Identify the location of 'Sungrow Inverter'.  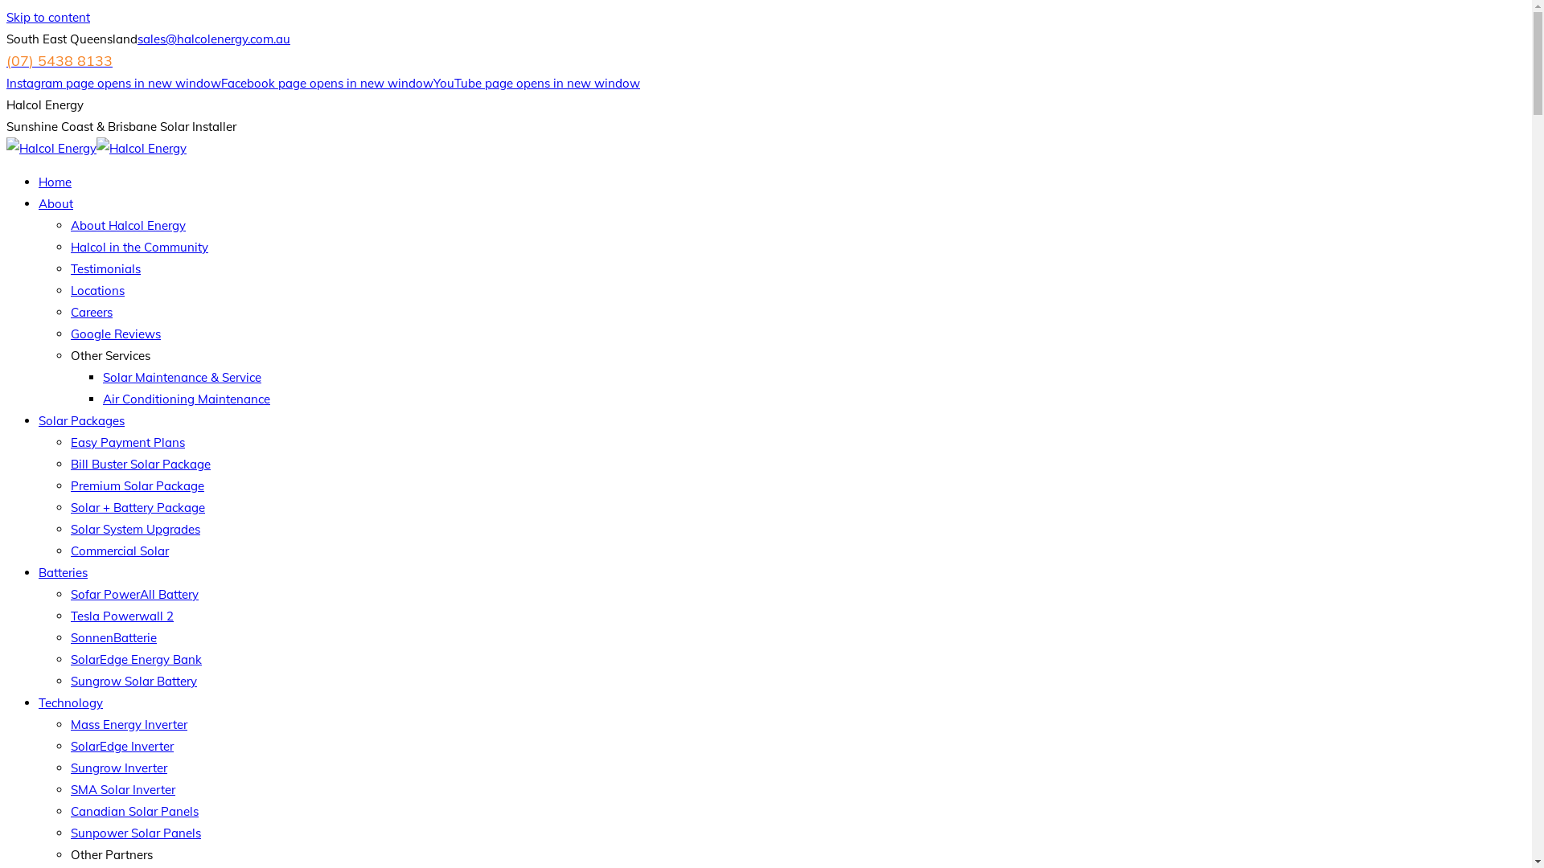
(118, 767).